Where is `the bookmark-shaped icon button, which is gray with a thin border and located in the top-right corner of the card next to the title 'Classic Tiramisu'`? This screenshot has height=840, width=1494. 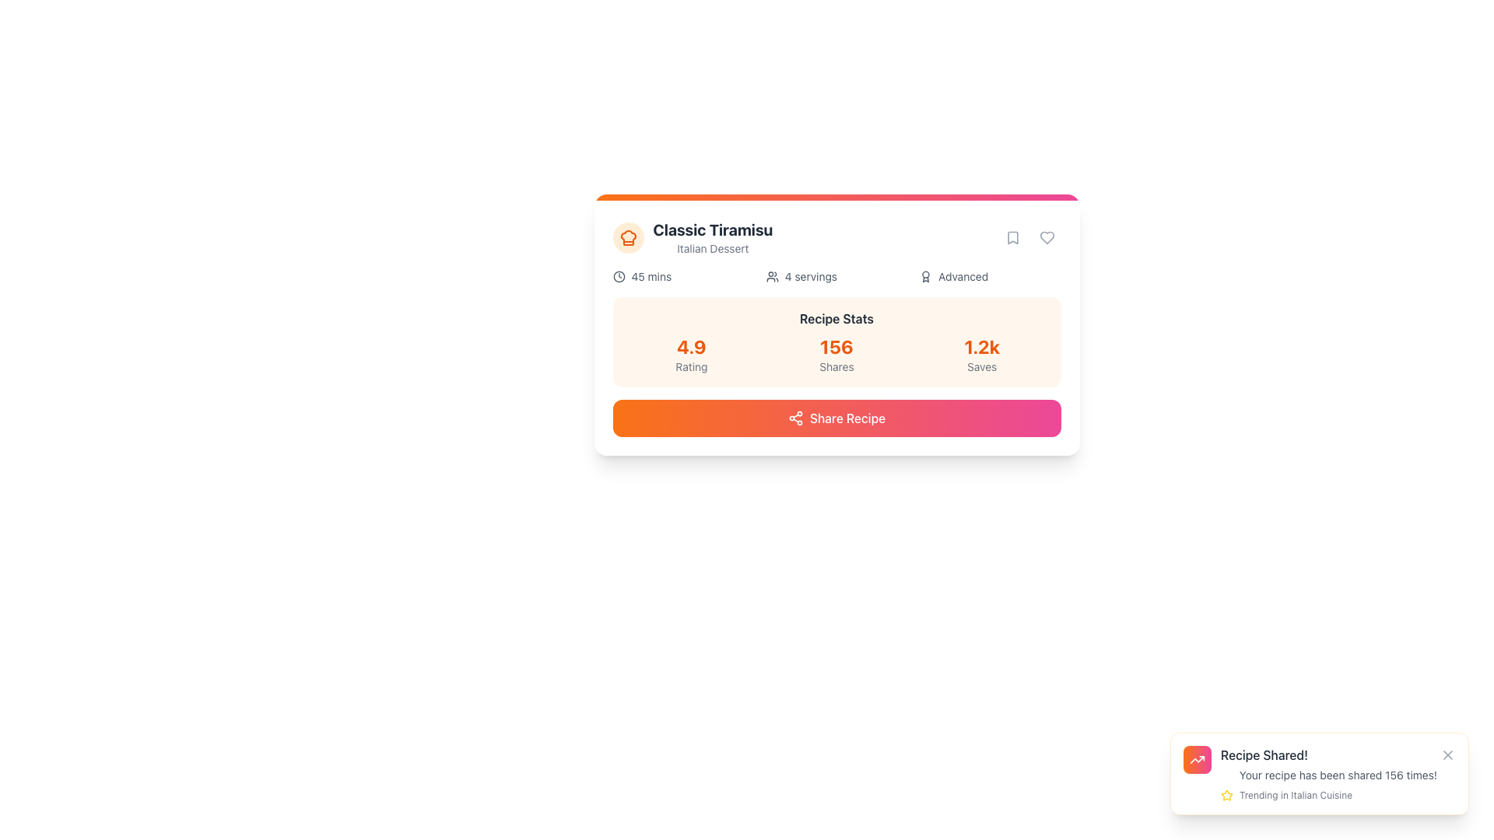 the bookmark-shaped icon button, which is gray with a thin border and located in the top-right corner of the card next to the title 'Classic Tiramisu' is located at coordinates (1012, 237).